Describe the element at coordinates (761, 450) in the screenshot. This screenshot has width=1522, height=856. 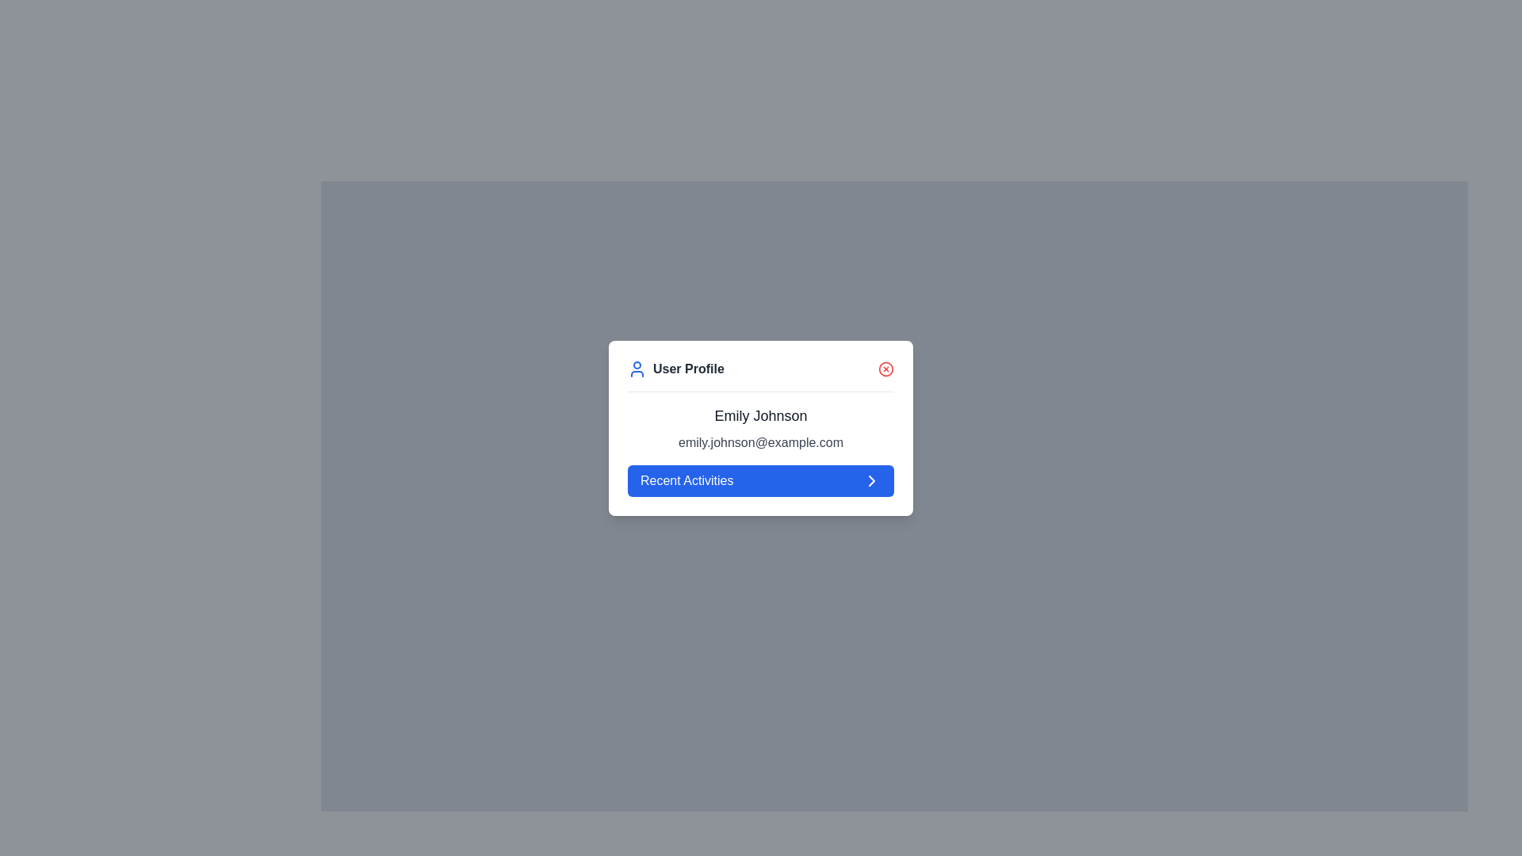
I see `text displayed in the Text block containing name and email, which is centrally aligned within the 'User Profile' card` at that location.